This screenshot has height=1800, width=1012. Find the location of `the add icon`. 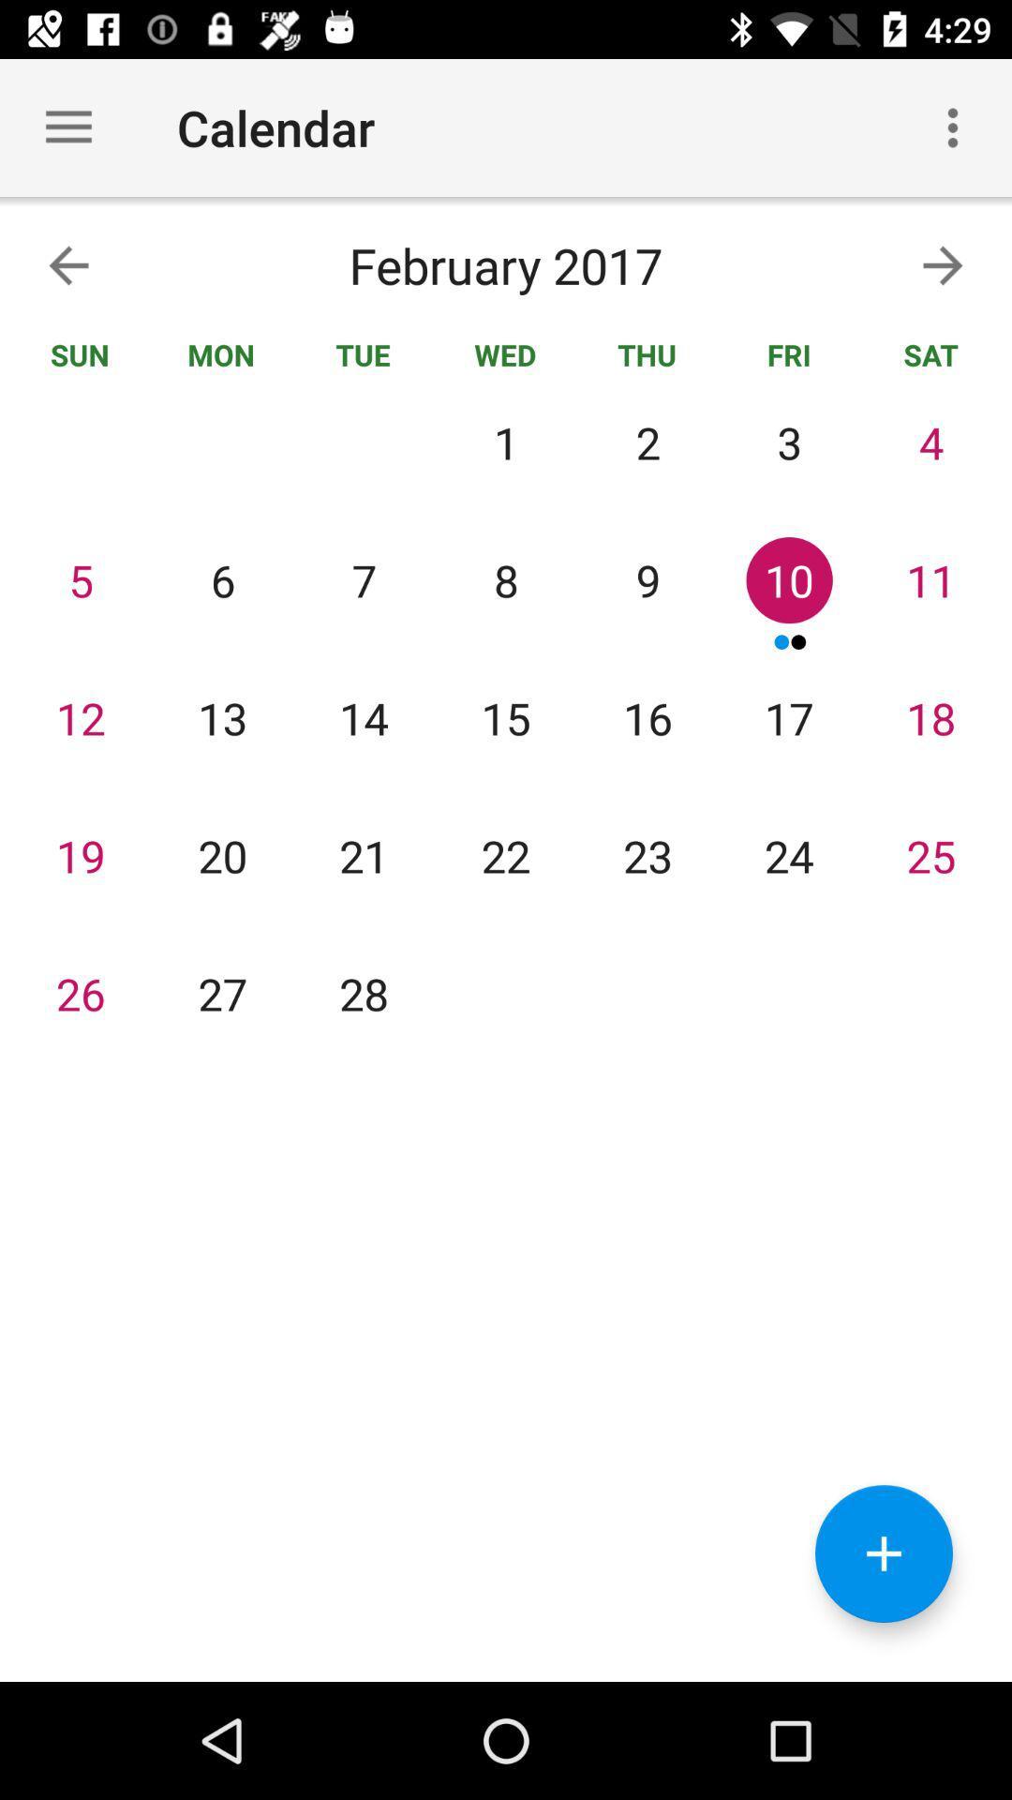

the add icon is located at coordinates (884, 1553).